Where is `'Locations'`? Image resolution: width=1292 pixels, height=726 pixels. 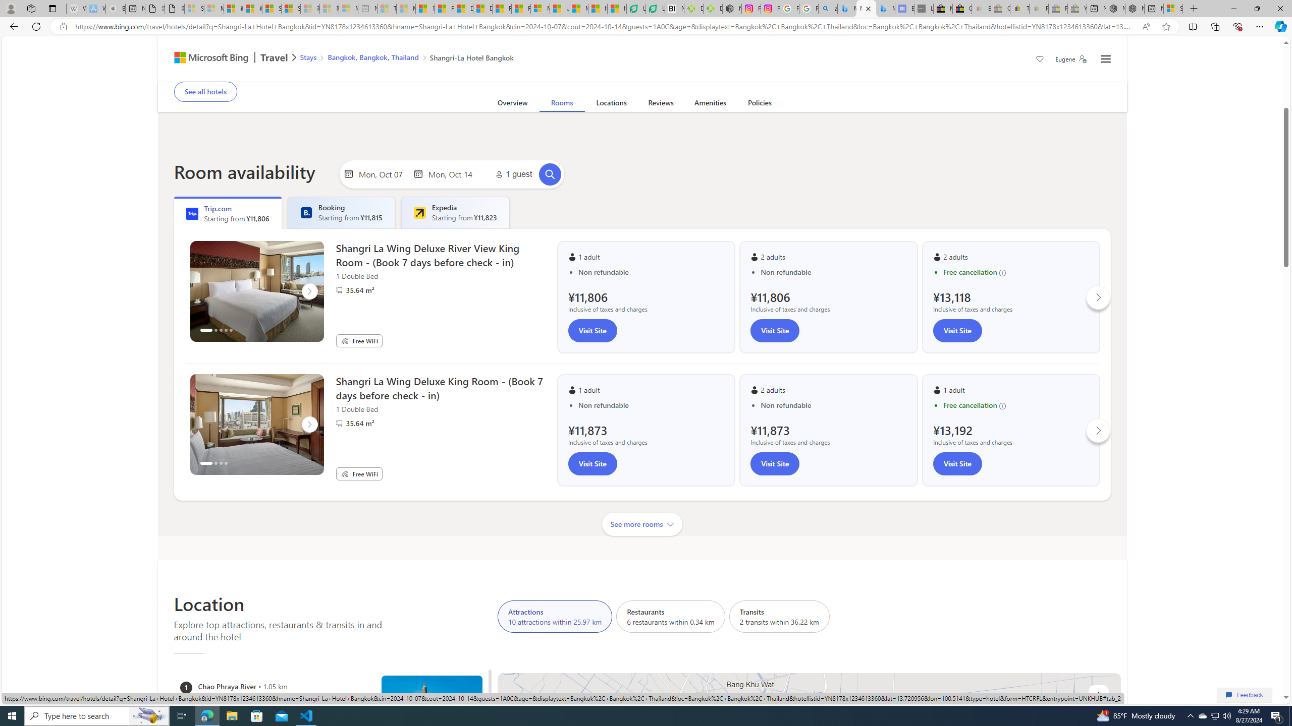 'Locations' is located at coordinates (611, 104).